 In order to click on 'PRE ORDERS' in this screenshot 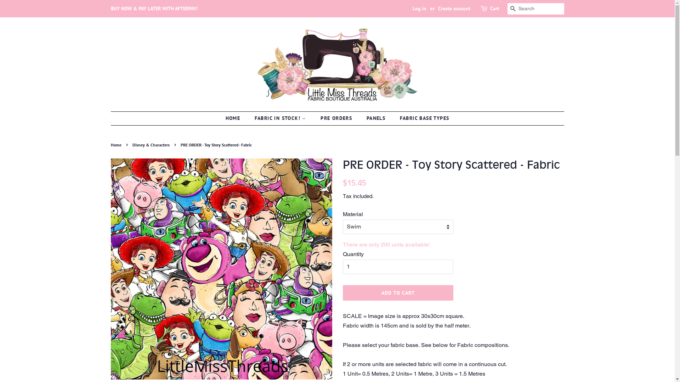, I will do `click(314, 118)`.